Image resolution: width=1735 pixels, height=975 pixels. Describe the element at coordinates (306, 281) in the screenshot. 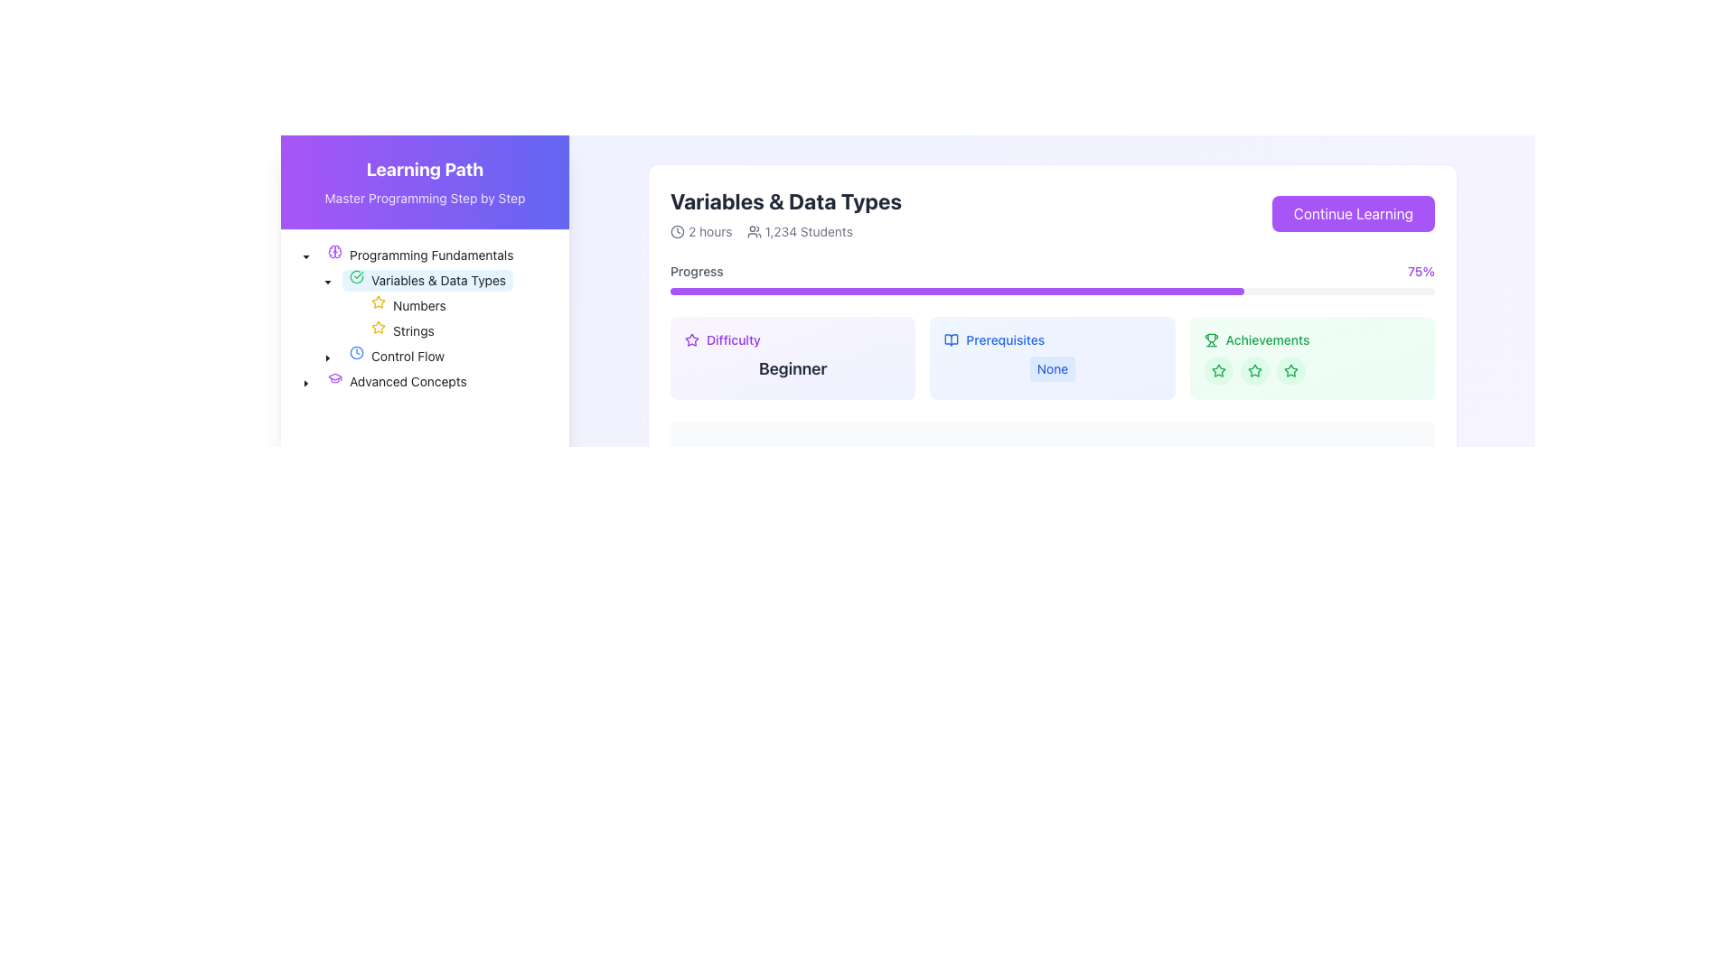

I see `the indentation placeholder located adjacent to the 'Variables & Data Types' item in the 'Programming Fundamentals' section of the tree menu` at that location.